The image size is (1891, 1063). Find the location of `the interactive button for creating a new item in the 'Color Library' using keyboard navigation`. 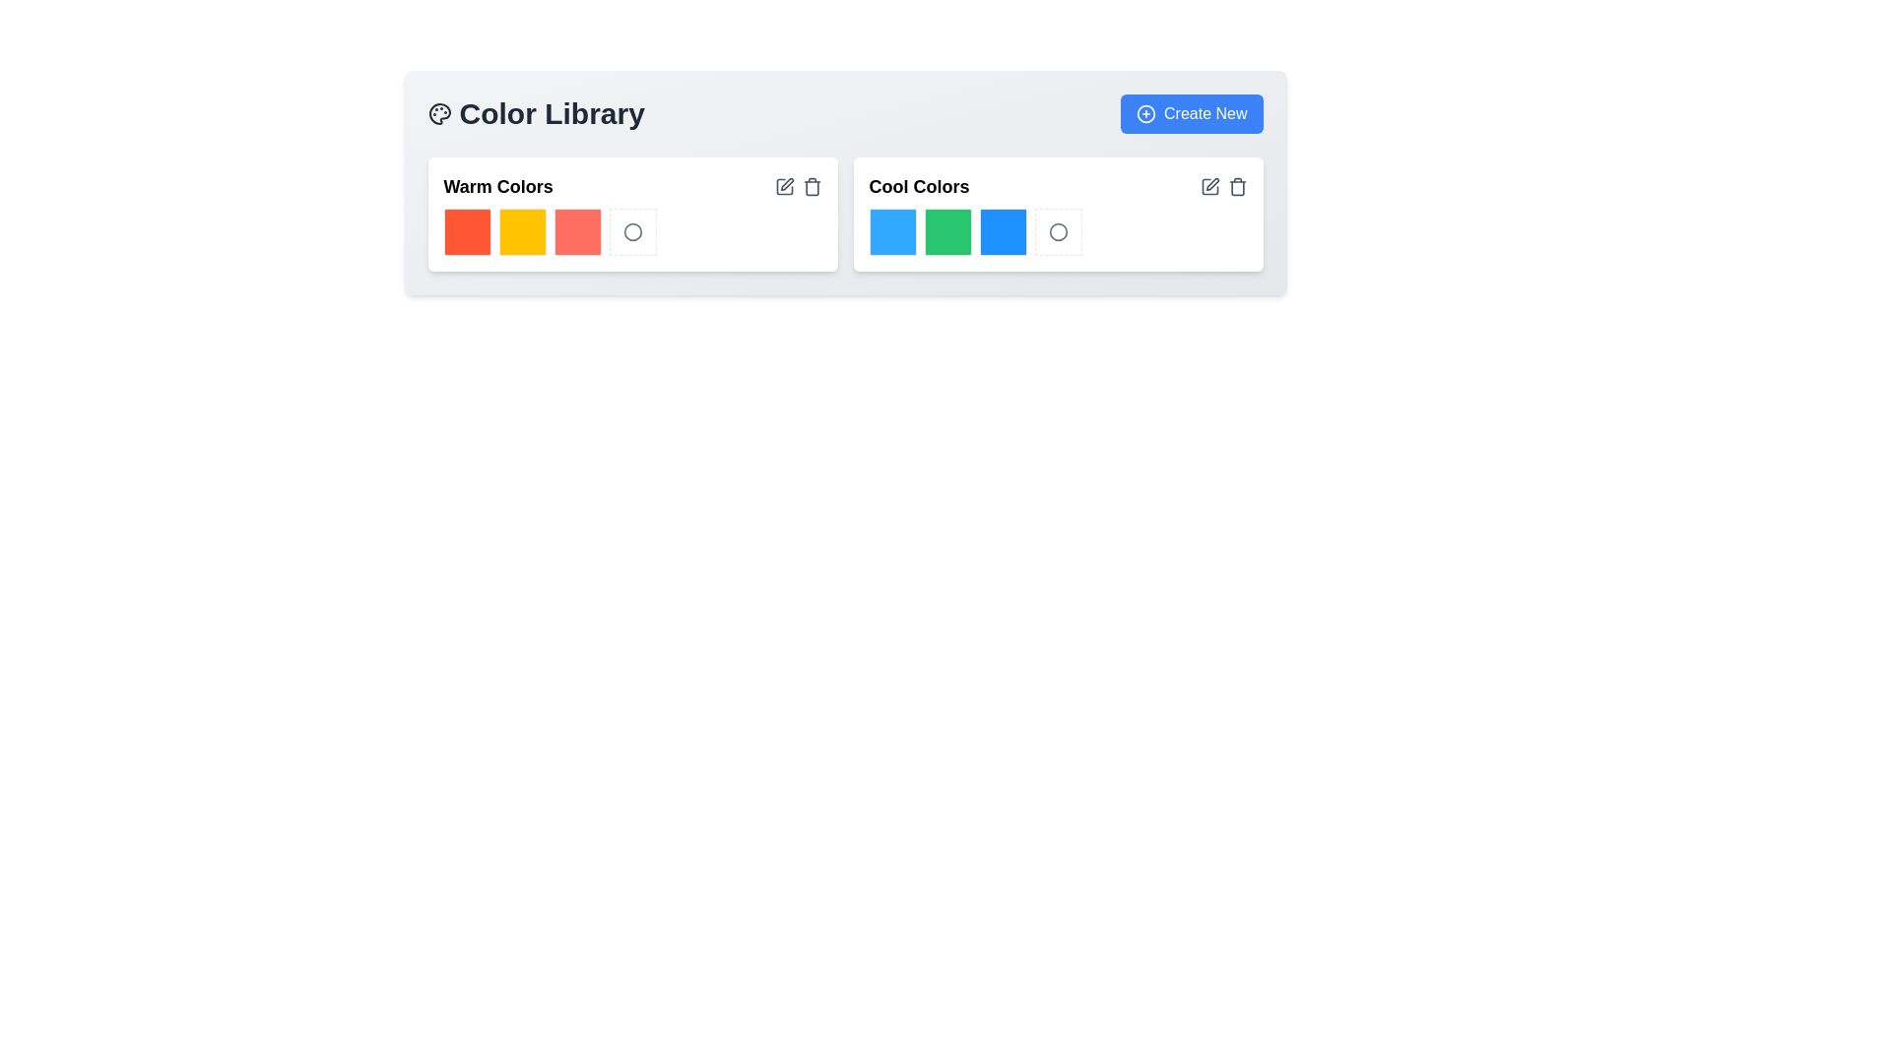

the interactive button for creating a new item in the 'Color Library' using keyboard navigation is located at coordinates (1191, 113).